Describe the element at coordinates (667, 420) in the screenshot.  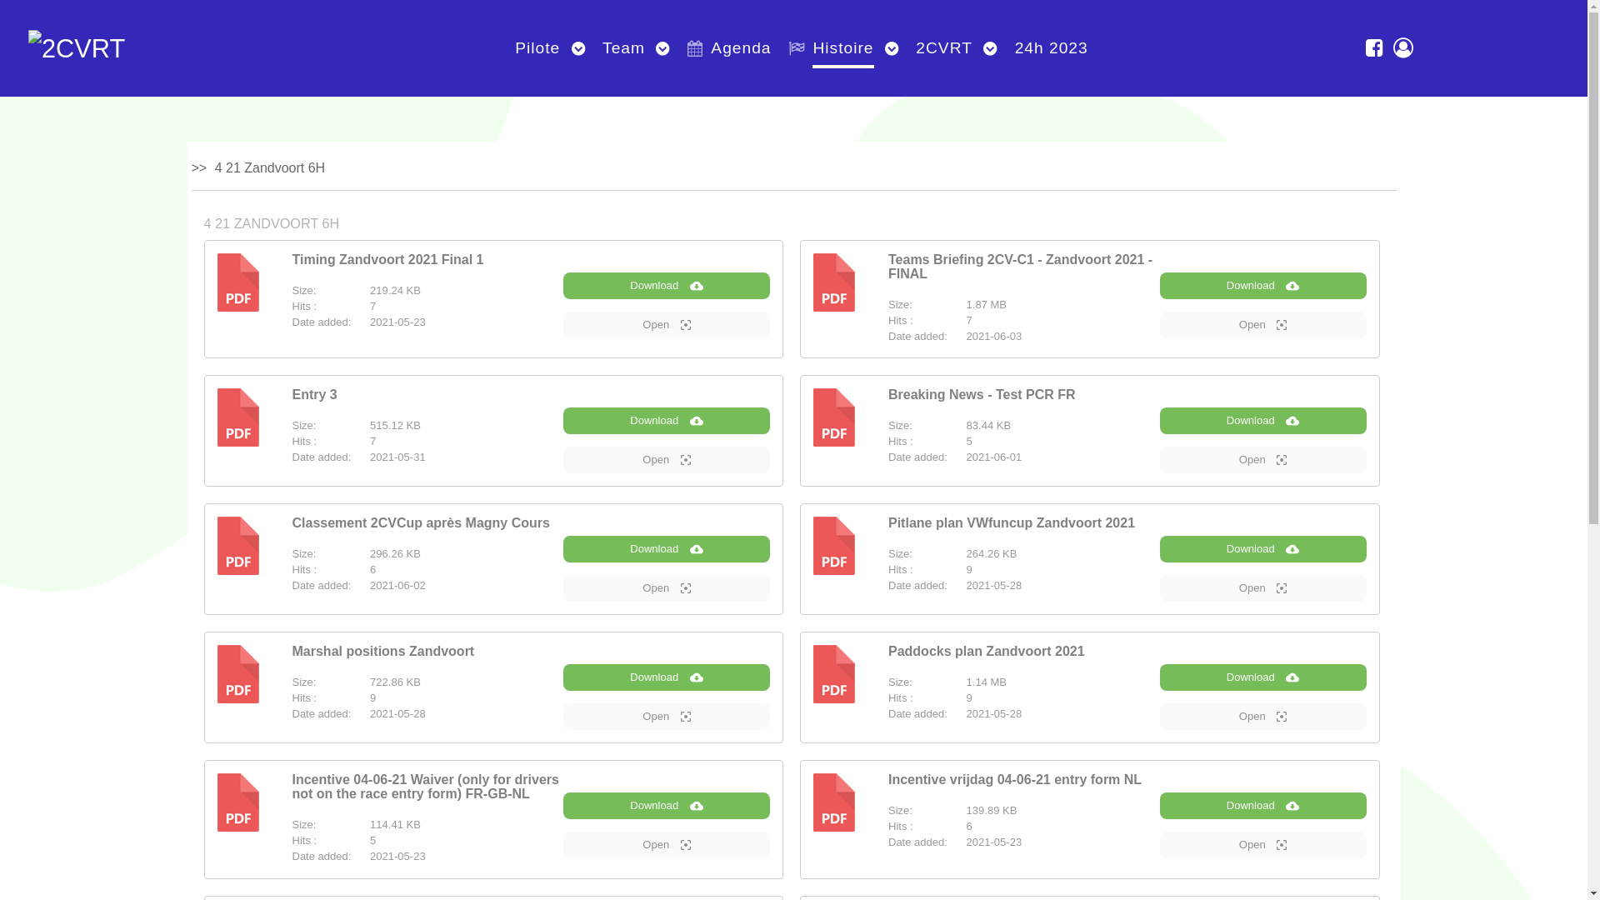
I see `'Download'` at that location.